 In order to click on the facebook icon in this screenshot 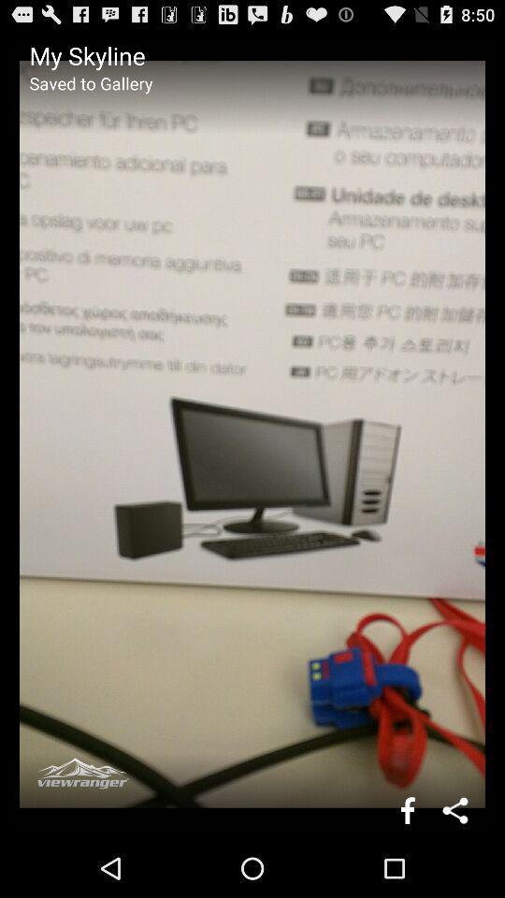, I will do `click(407, 867)`.